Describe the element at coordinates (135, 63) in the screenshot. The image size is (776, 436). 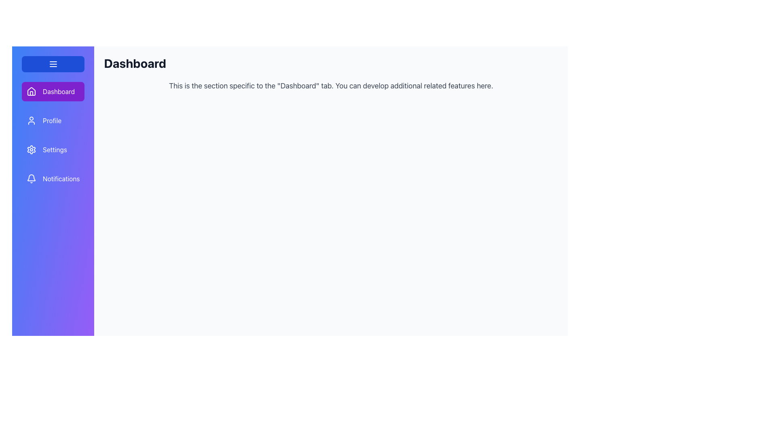
I see `the 'Dashboard' heading text label, which is positioned at the top left of the main content area` at that location.